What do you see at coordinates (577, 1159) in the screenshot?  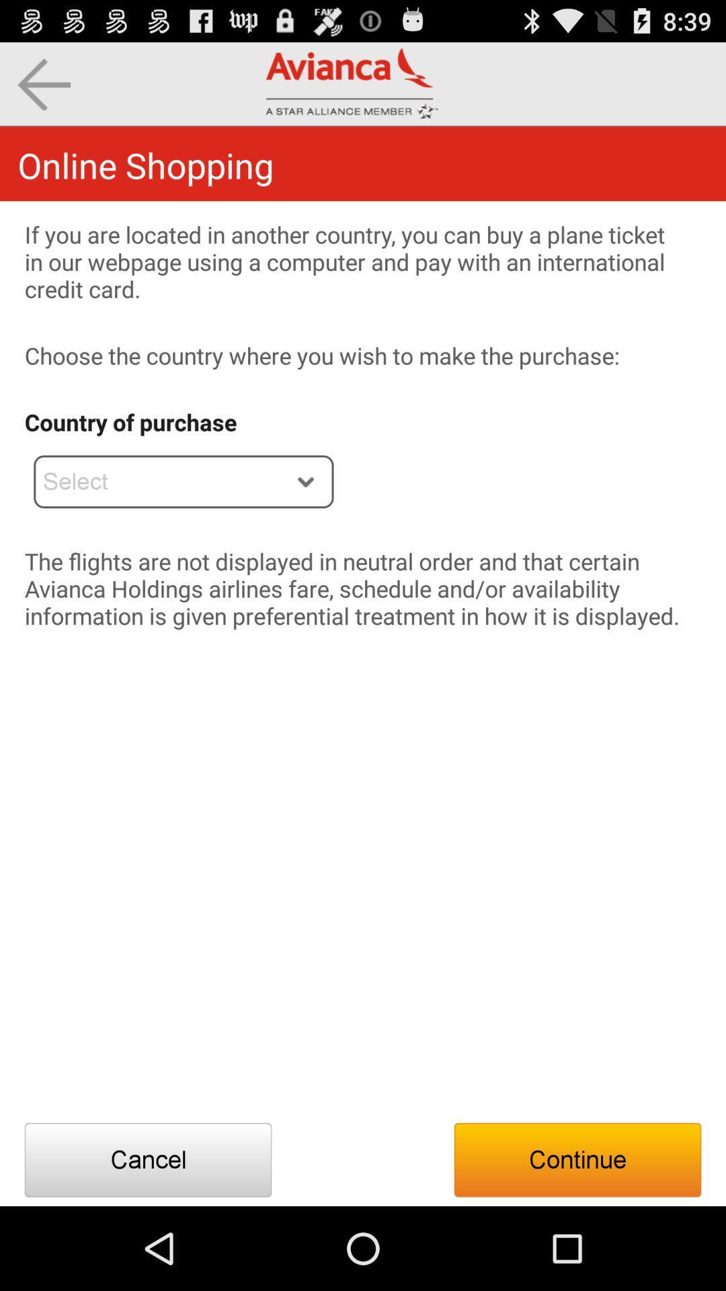 I see `button next to the cancel button` at bounding box center [577, 1159].